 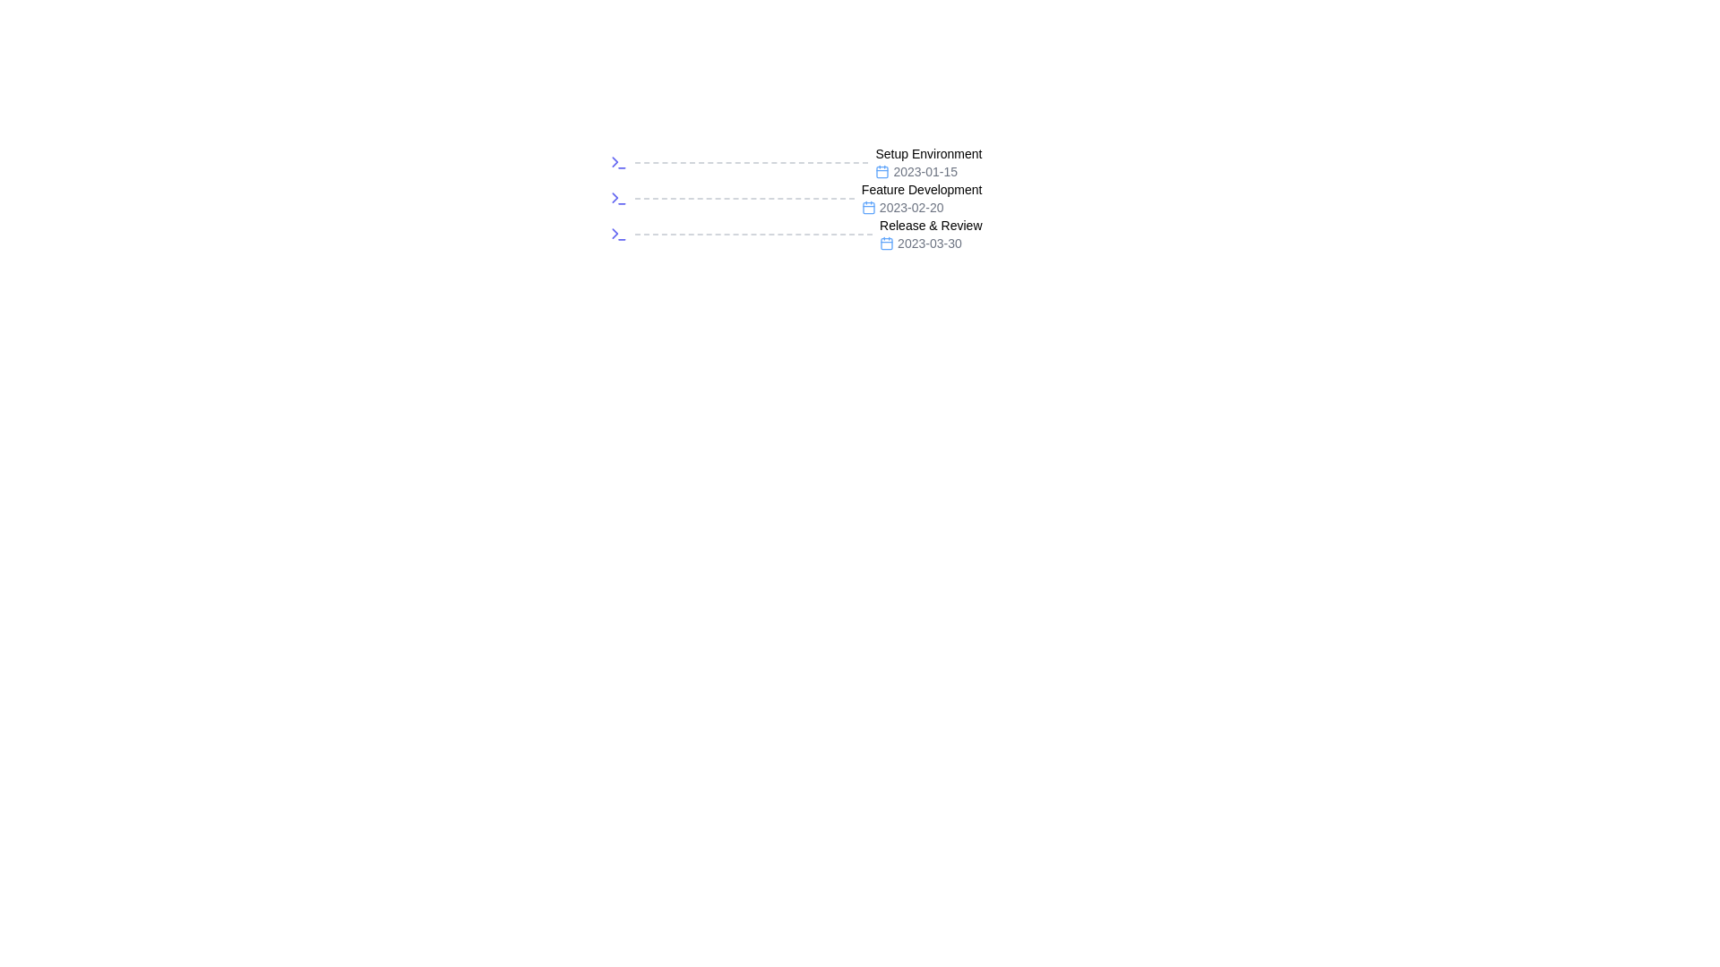 I want to click on the text label with the date '2023-03-30' and blue calendar icon, located at the bottom of the 'Release & Review' list item, so click(x=931, y=244).